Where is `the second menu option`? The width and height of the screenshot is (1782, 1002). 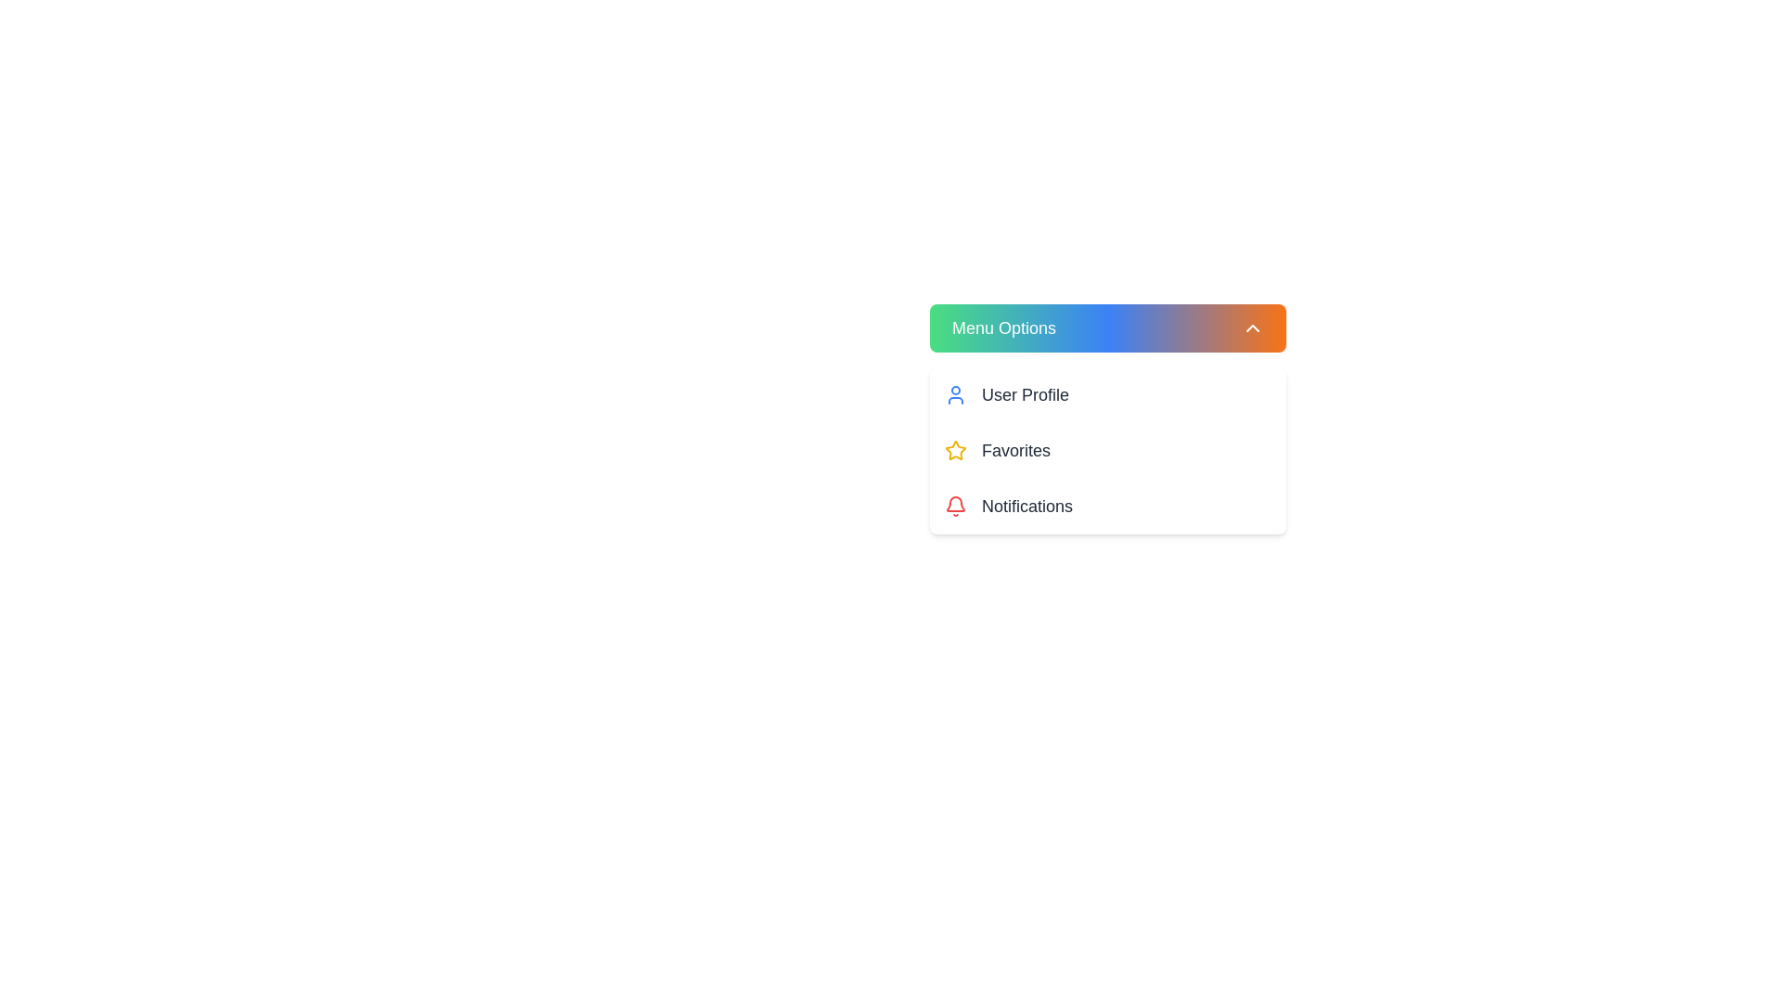
the second menu option is located at coordinates (1108, 451).